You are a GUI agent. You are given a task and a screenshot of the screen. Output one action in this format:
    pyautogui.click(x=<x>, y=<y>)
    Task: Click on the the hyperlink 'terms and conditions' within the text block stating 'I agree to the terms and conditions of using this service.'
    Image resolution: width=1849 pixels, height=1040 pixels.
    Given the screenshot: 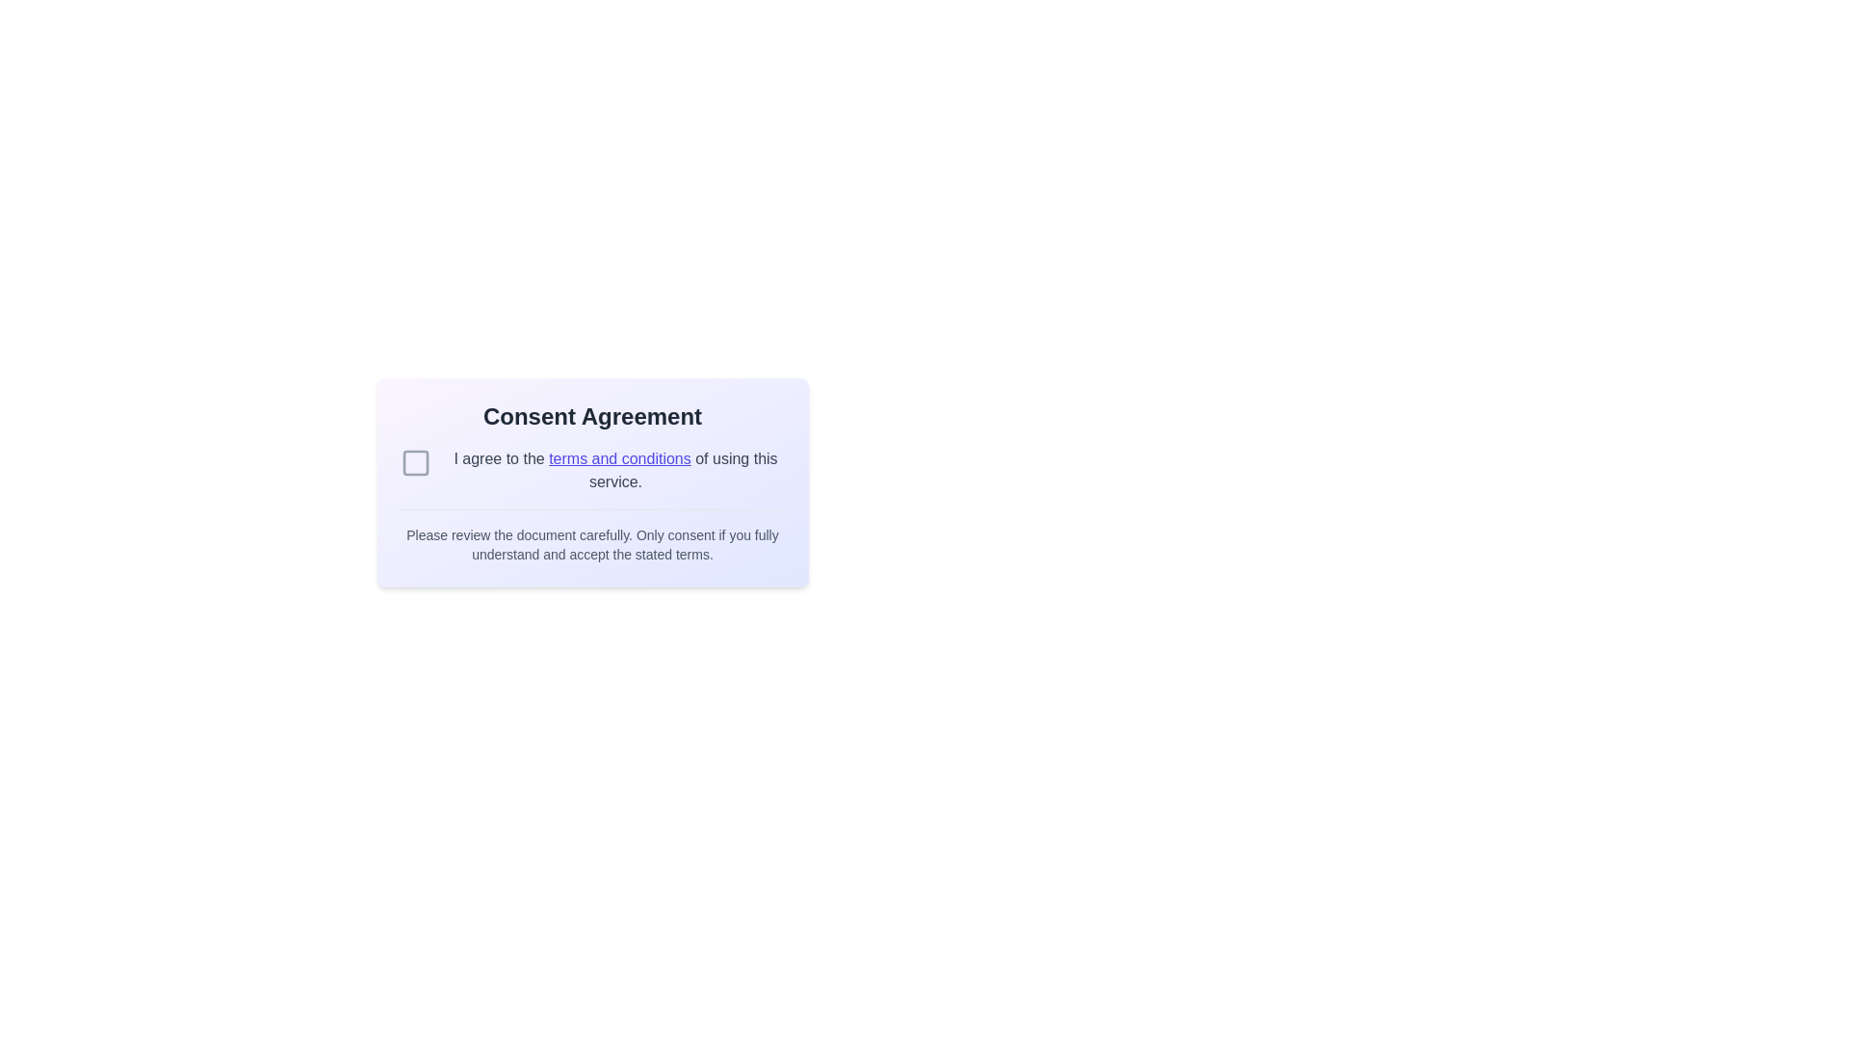 What is the action you would take?
    pyautogui.click(x=614, y=471)
    